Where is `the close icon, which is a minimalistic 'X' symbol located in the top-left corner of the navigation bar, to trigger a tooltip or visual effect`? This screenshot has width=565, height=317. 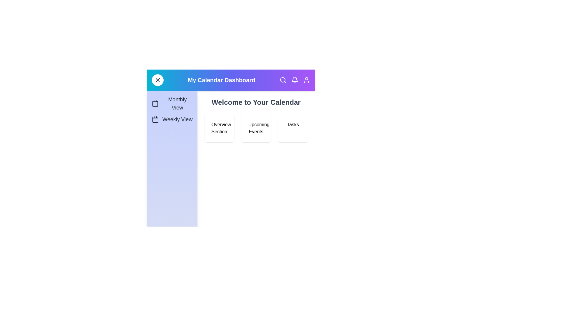
the close icon, which is a minimalistic 'X' symbol located in the top-left corner of the navigation bar, to trigger a tooltip or visual effect is located at coordinates (158, 80).